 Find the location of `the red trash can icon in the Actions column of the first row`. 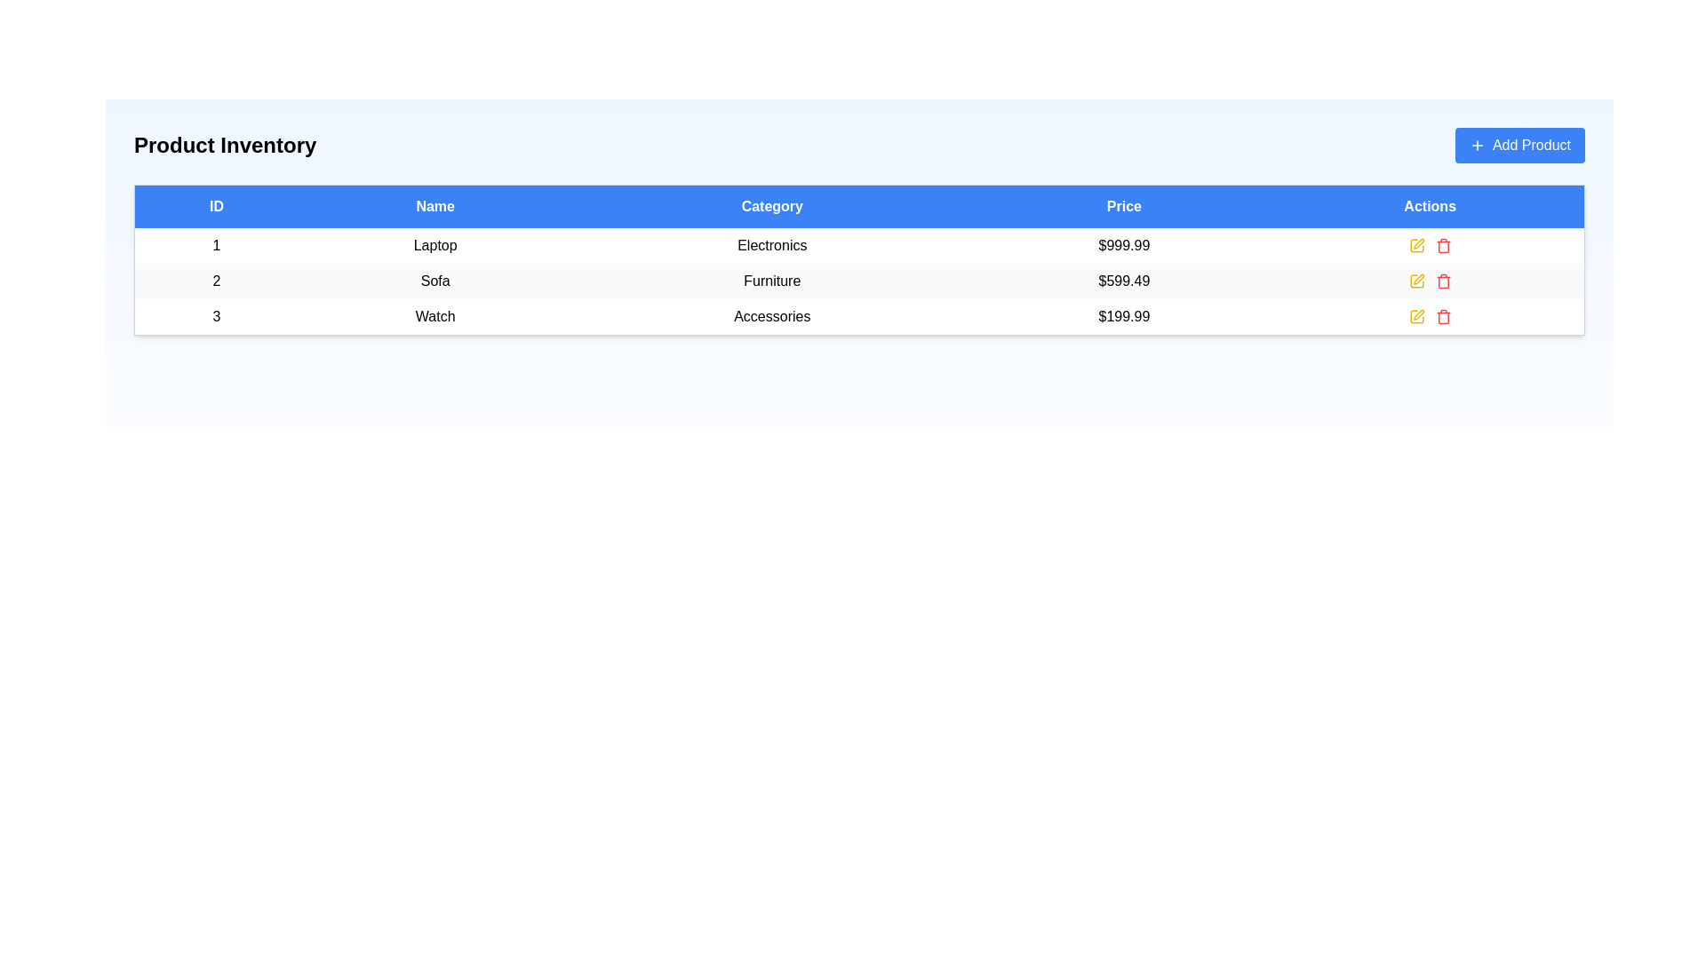

the red trash can icon in the Actions column of the first row is located at coordinates (1443, 246).